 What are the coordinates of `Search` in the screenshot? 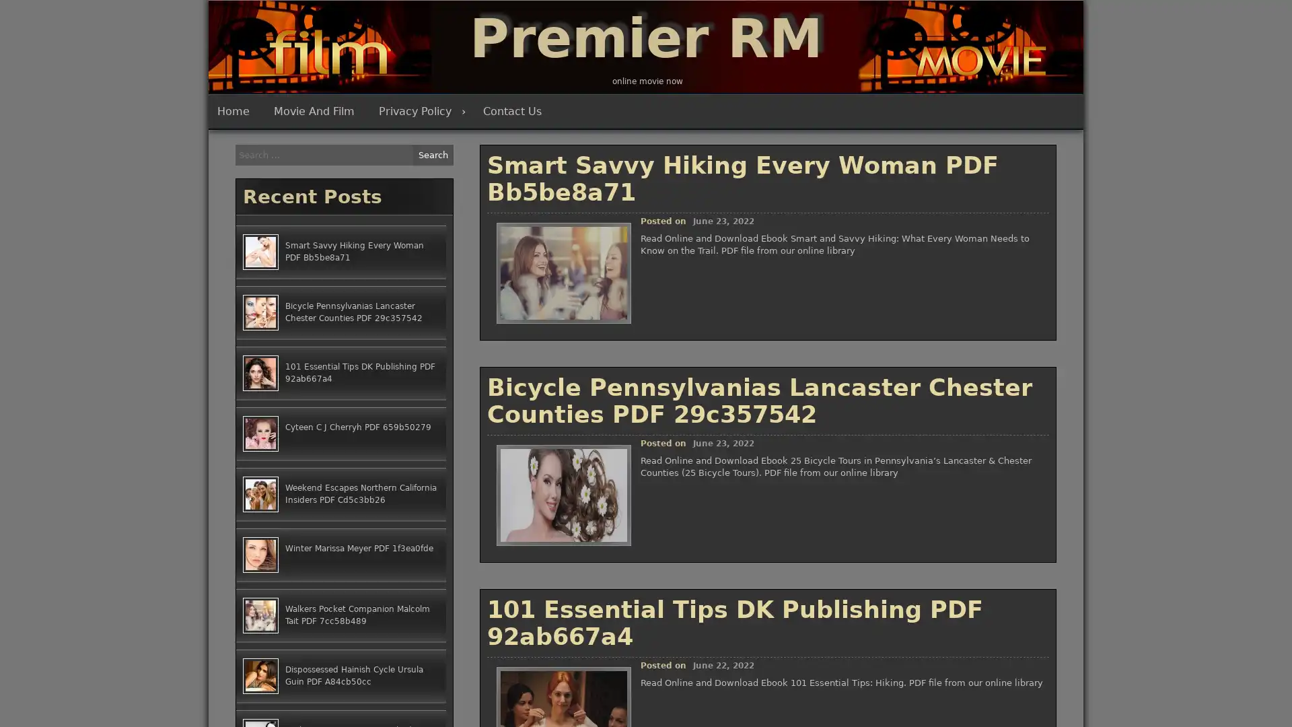 It's located at (433, 154).